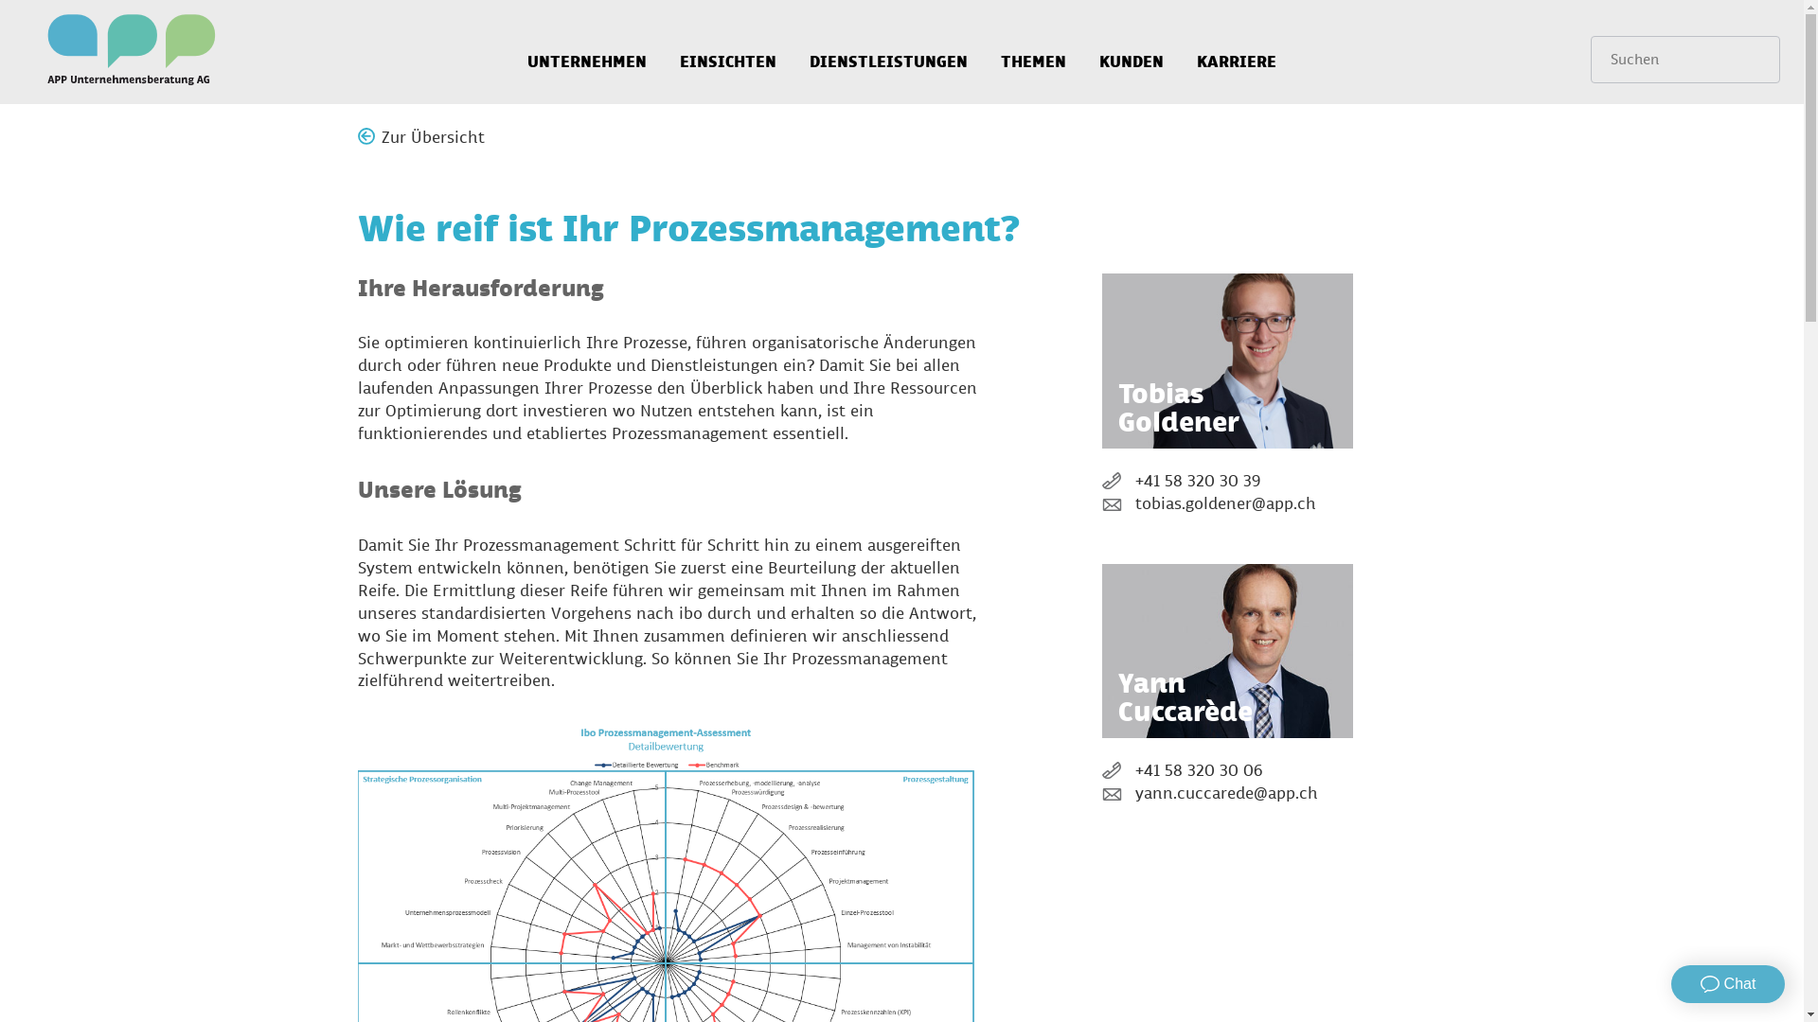  I want to click on 'EINSICHTEN', so click(726, 50).